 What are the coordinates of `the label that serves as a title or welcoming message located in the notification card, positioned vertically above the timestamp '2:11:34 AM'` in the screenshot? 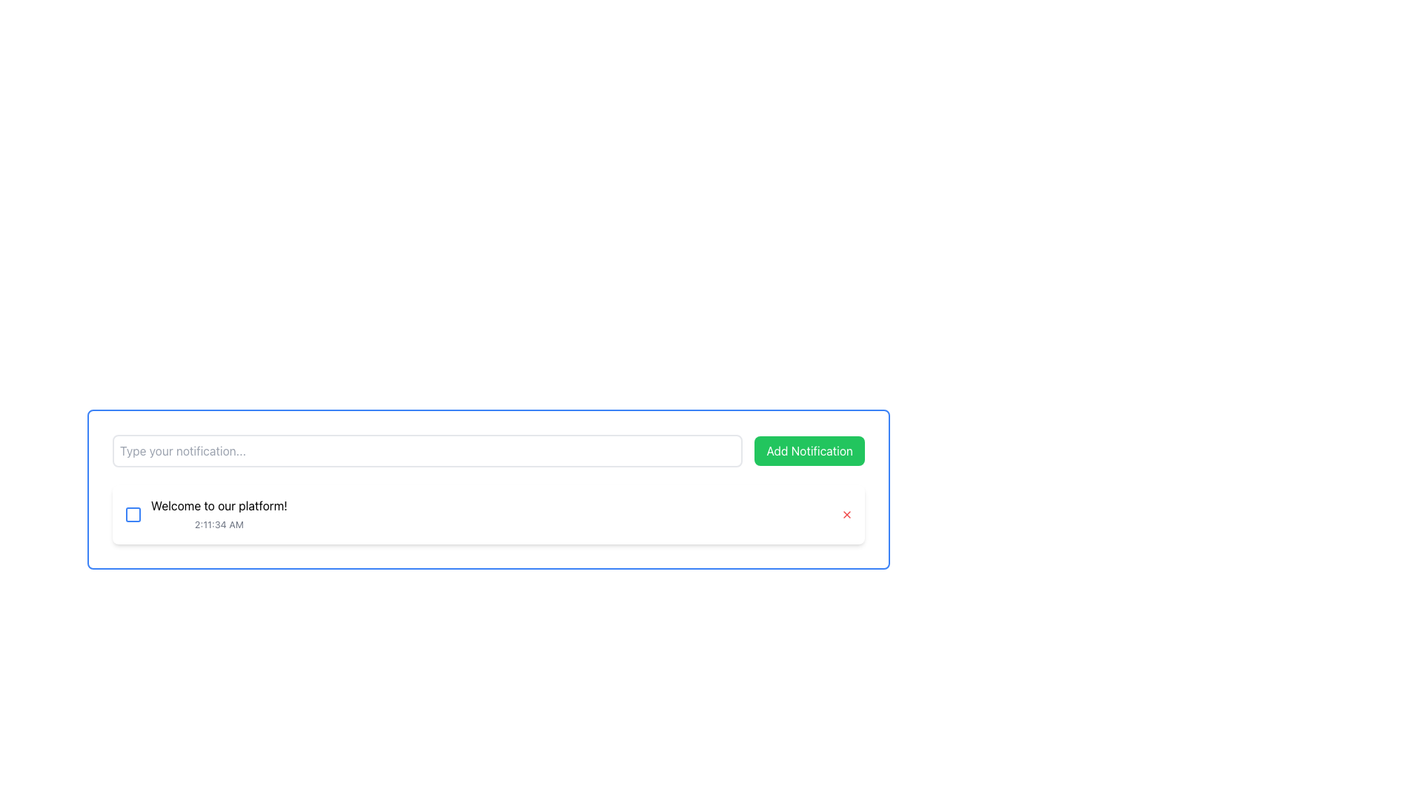 It's located at (218, 504).